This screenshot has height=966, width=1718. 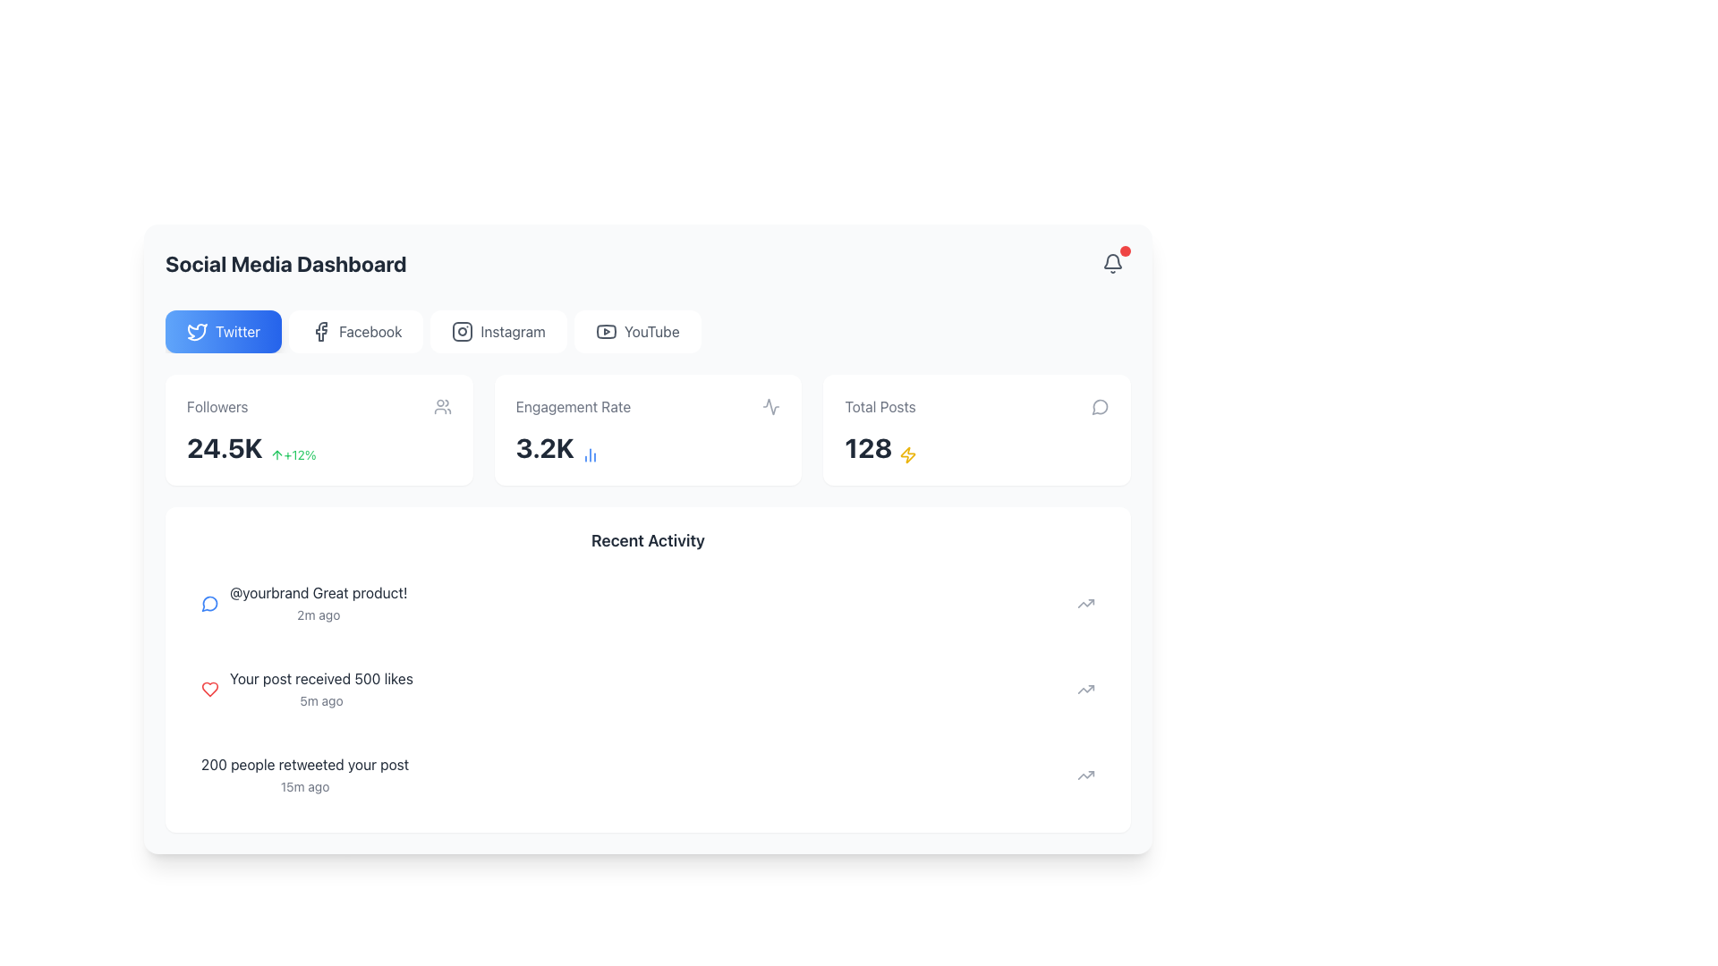 What do you see at coordinates (512, 331) in the screenshot?
I see `the Text label that serves as a label for the Instagram button, which is located in the top row of the interface among other social media buttons` at bounding box center [512, 331].